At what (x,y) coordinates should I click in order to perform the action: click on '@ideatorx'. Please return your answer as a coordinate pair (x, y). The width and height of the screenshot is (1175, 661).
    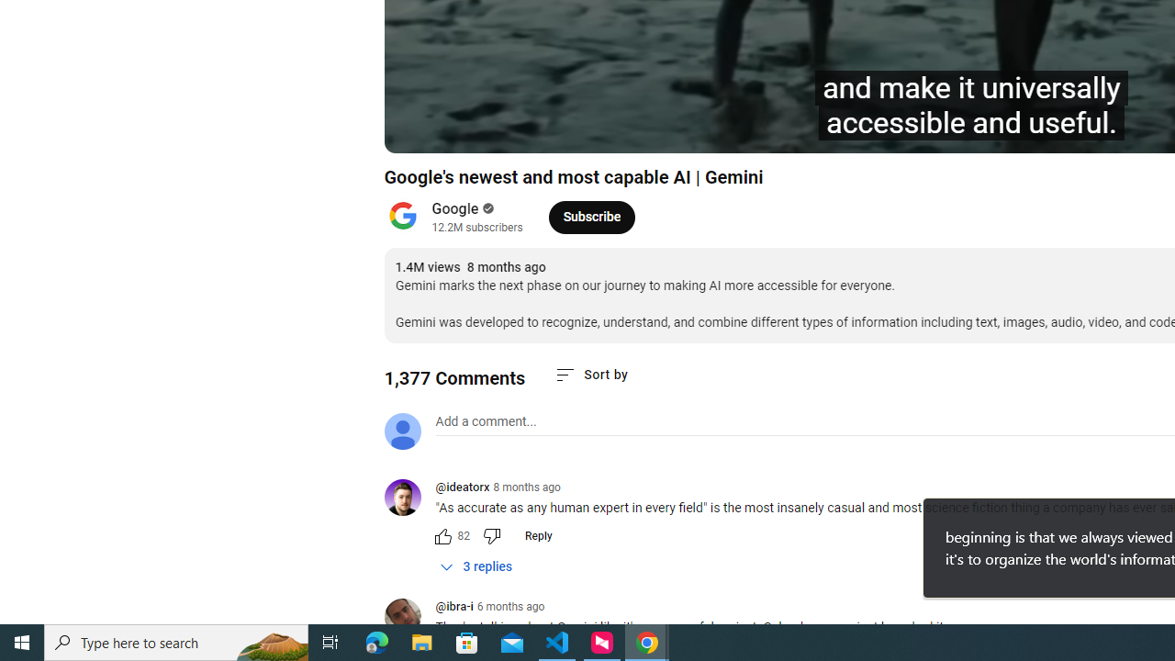
    Looking at the image, I should click on (408, 499).